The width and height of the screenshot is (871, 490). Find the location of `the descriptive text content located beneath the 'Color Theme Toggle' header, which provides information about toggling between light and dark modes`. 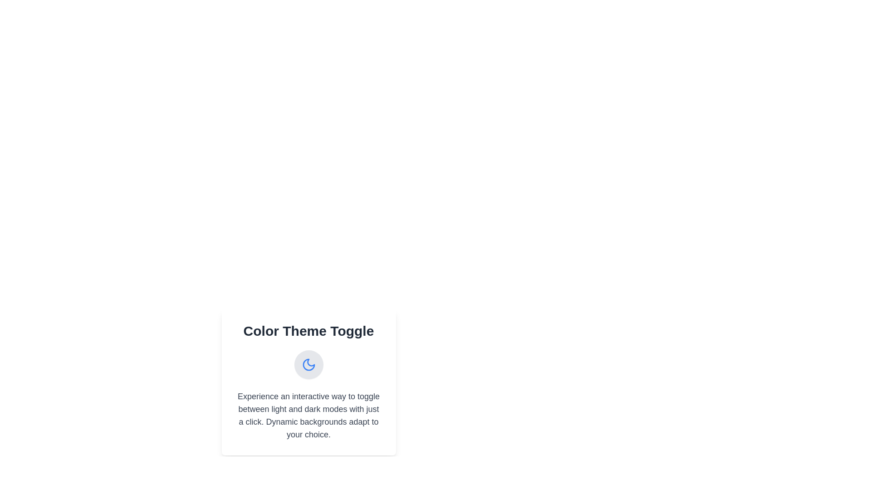

the descriptive text content located beneath the 'Color Theme Toggle' header, which provides information about toggling between light and dark modes is located at coordinates (308, 415).